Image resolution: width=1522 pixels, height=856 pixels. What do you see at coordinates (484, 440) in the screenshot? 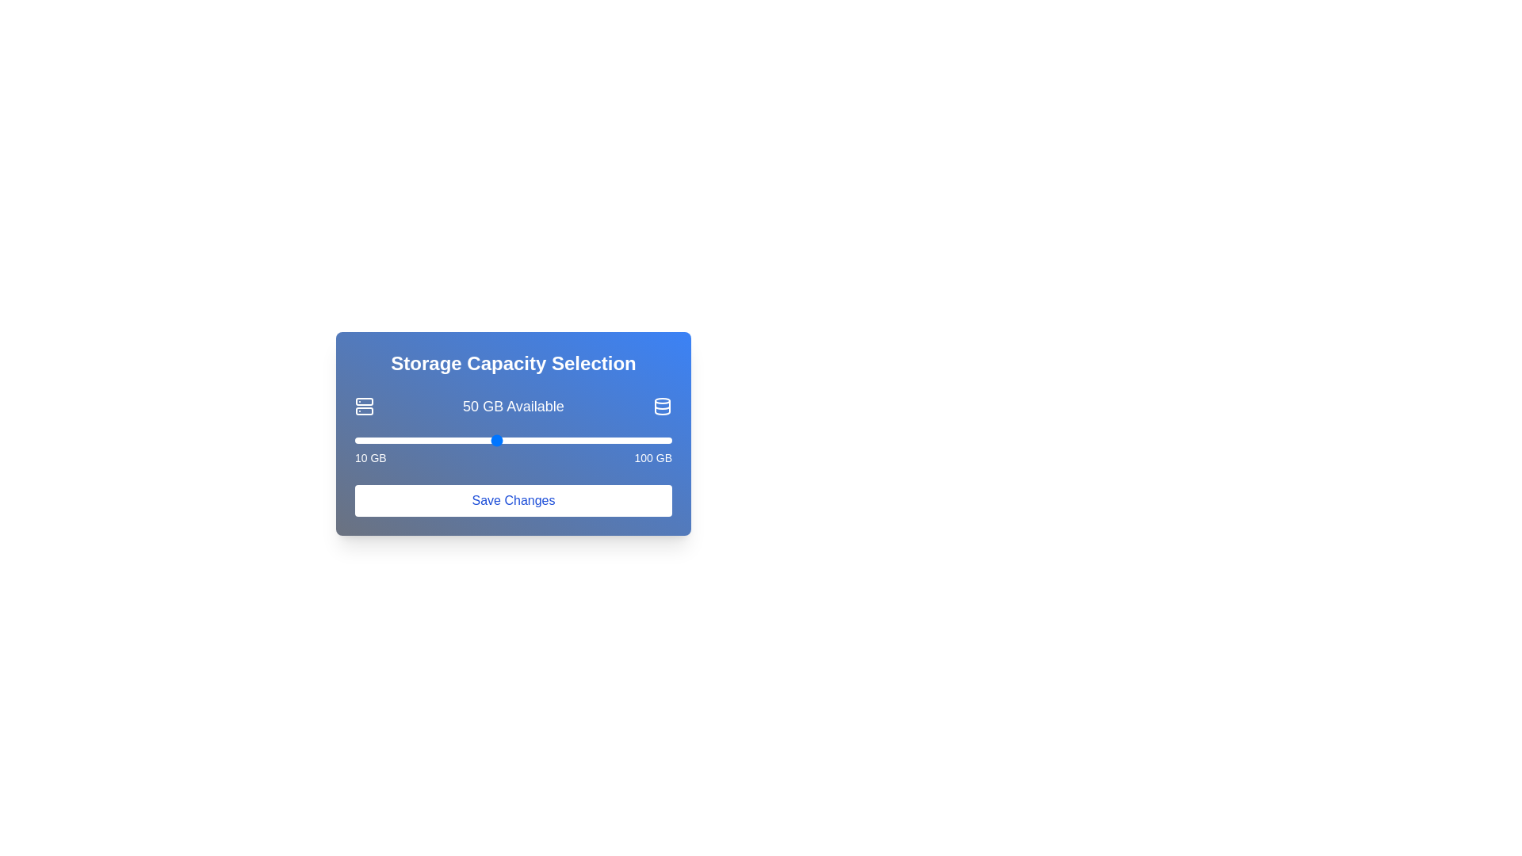
I see `the storage slider to set the storage capacity to 47 GB` at bounding box center [484, 440].